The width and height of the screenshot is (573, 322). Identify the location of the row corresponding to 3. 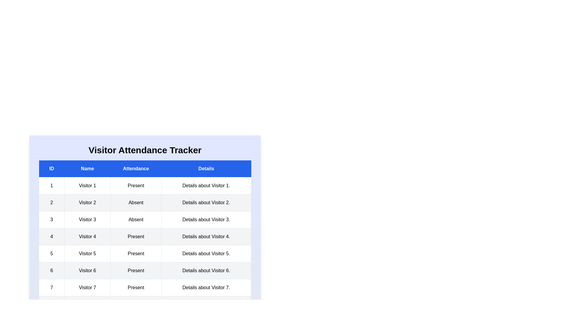
(145, 219).